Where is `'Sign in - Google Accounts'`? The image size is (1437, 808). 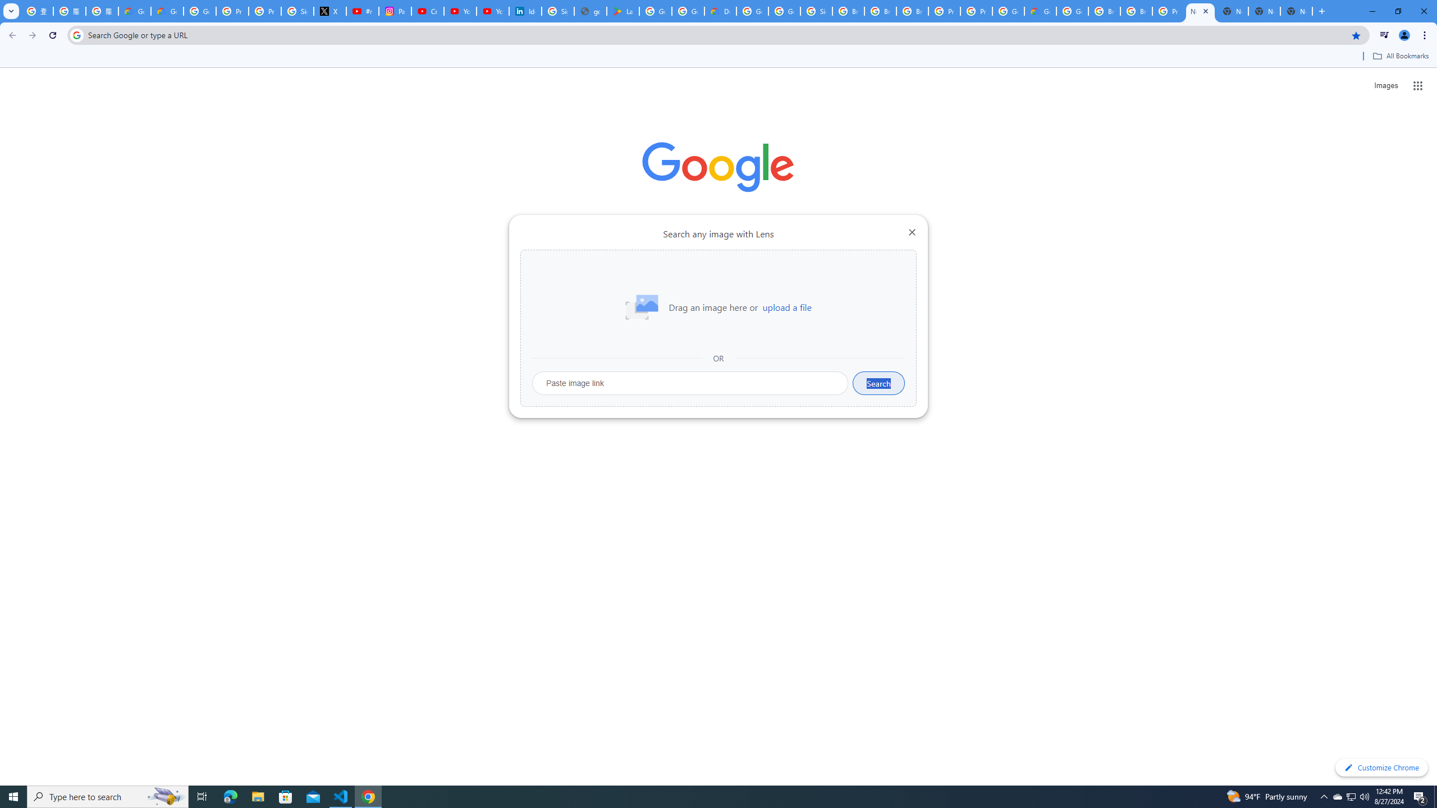
'Sign in - Google Accounts' is located at coordinates (557, 11).